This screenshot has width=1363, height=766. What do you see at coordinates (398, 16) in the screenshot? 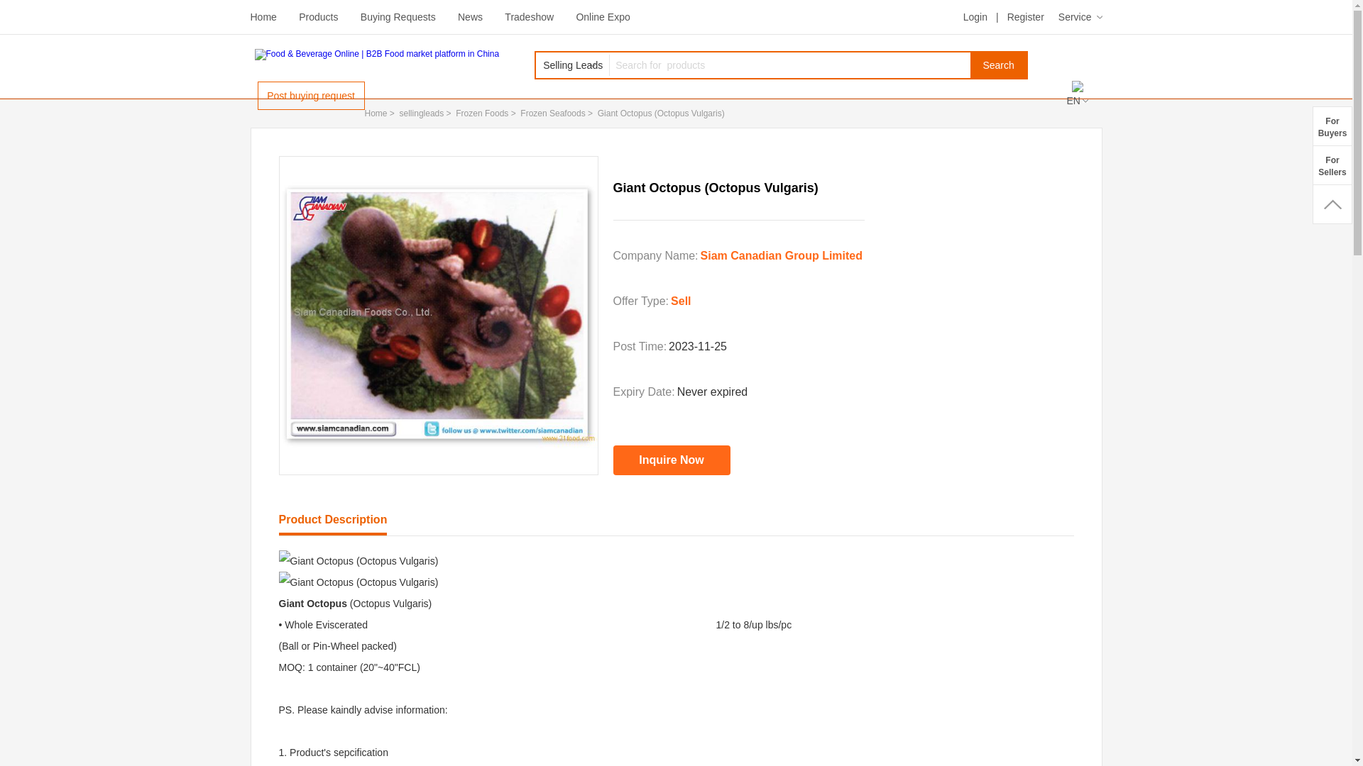
I see `'Buying Requests'` at bounding box center [398, 16].